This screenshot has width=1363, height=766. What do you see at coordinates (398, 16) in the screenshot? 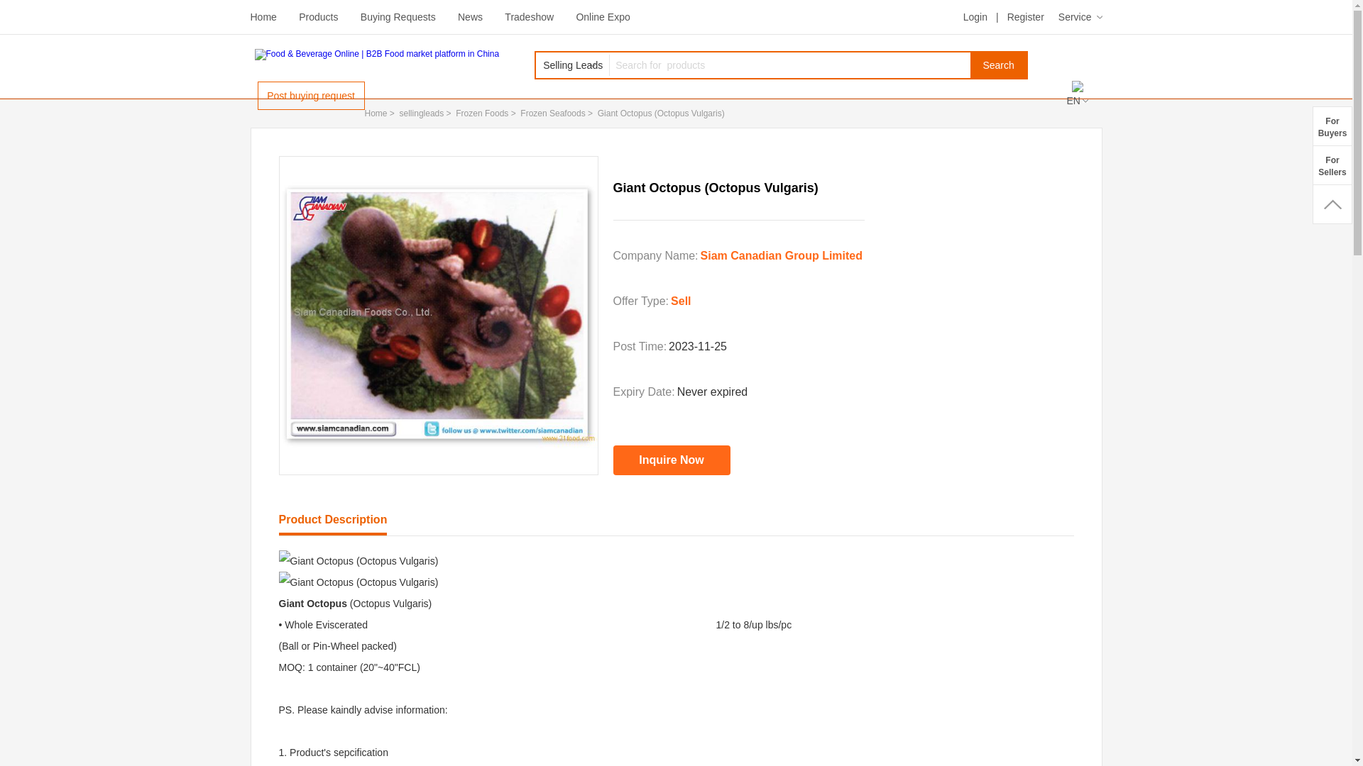
I see `'Buying Requests'` at bounding box center [398, 16].